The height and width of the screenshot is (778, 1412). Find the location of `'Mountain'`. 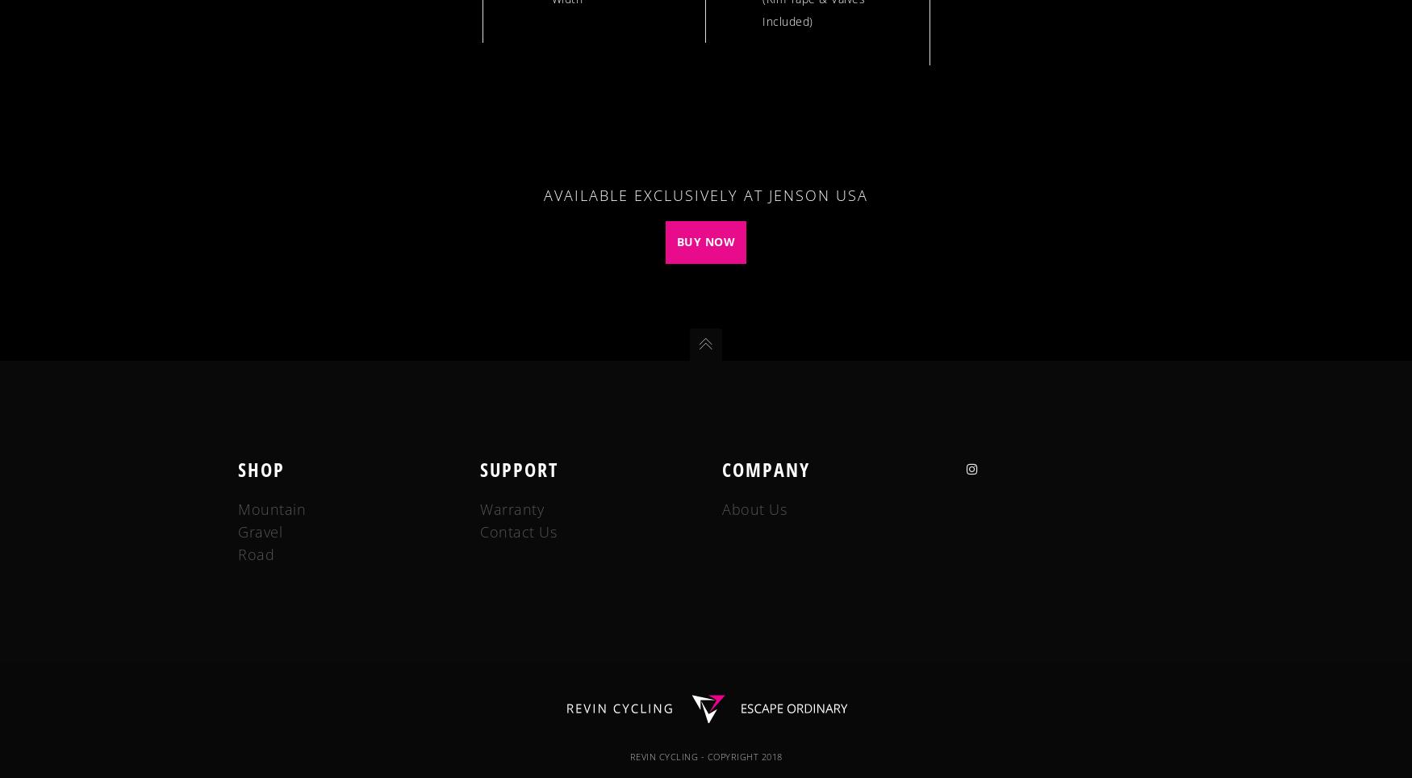

'Mountain' is located at coordinates (272, 508).